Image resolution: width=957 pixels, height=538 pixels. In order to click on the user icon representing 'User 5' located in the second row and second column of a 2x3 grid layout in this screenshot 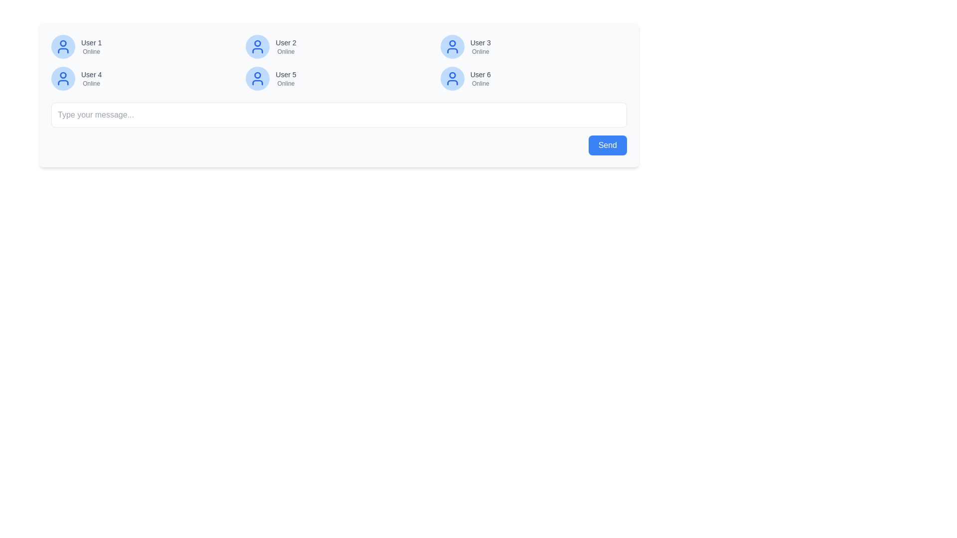, I will do `click(258, 78)`.